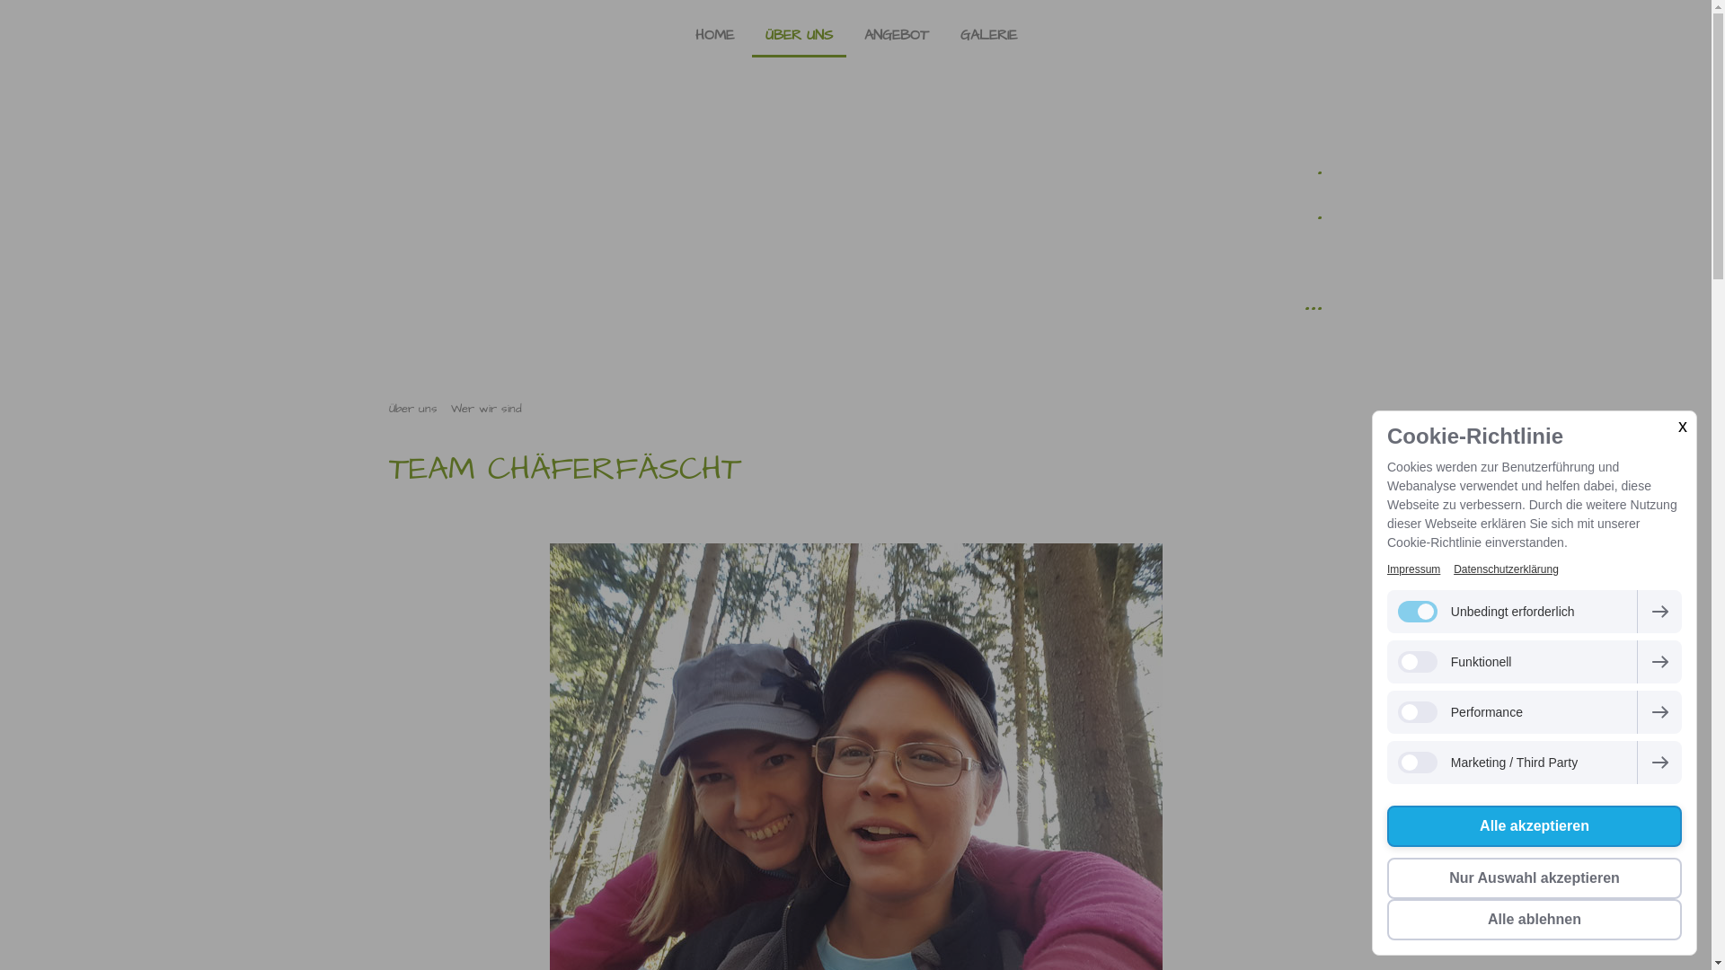  I want to click on 'Nur Auswahl akzeptieren', so click(1534, 877).